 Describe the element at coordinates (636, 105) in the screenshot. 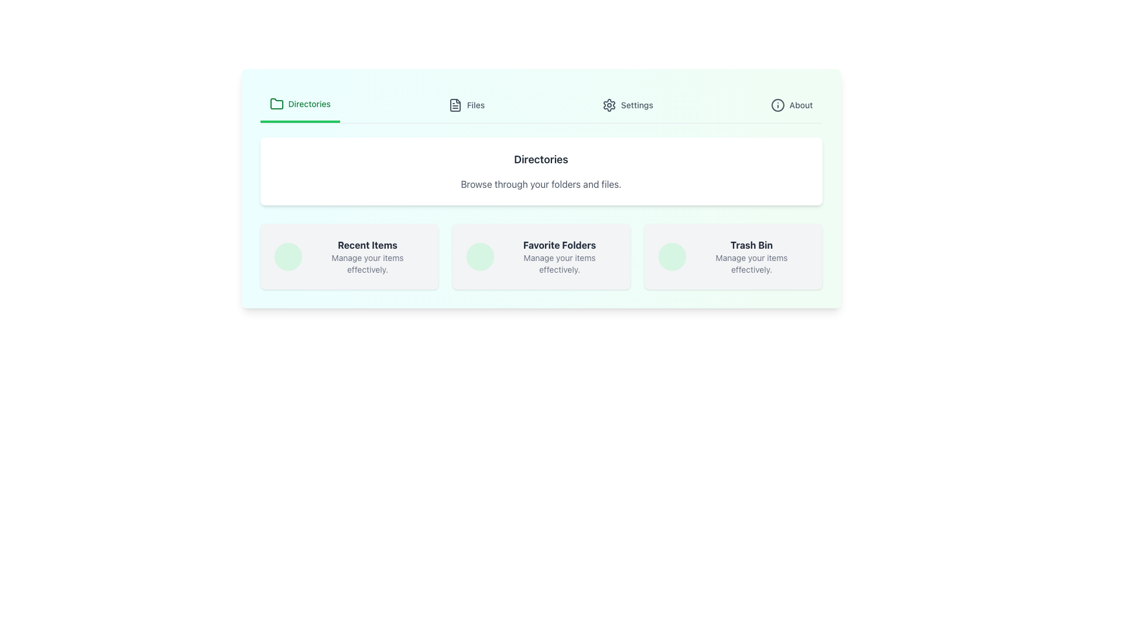

I see `the 'Settings' text label in the navigation bar` at that location.